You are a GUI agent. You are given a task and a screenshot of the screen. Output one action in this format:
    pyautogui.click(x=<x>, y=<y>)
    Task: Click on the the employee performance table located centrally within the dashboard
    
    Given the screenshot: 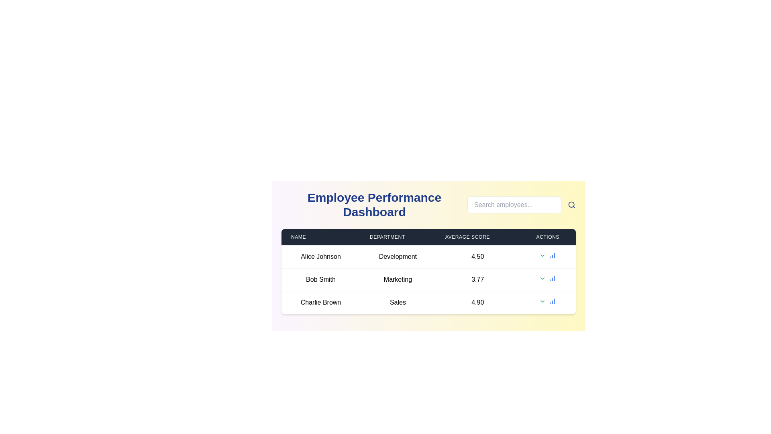 What is the action you would take?
    pyautogui.click(x=428, y=271)
    